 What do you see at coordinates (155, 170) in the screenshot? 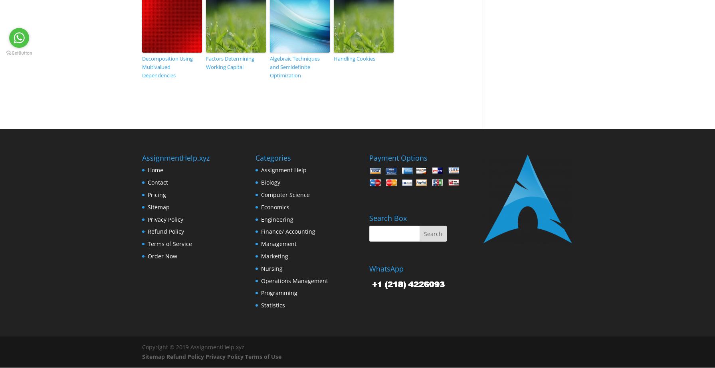
I see `'Home'` at bounding box center [155, 170].